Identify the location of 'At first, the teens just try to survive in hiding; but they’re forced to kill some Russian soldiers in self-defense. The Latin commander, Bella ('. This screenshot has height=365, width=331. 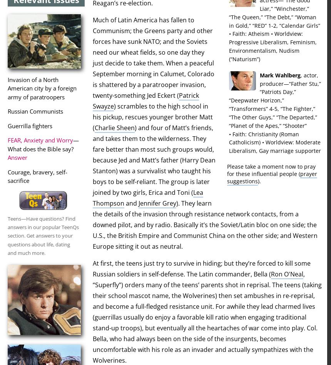
(201, 268).